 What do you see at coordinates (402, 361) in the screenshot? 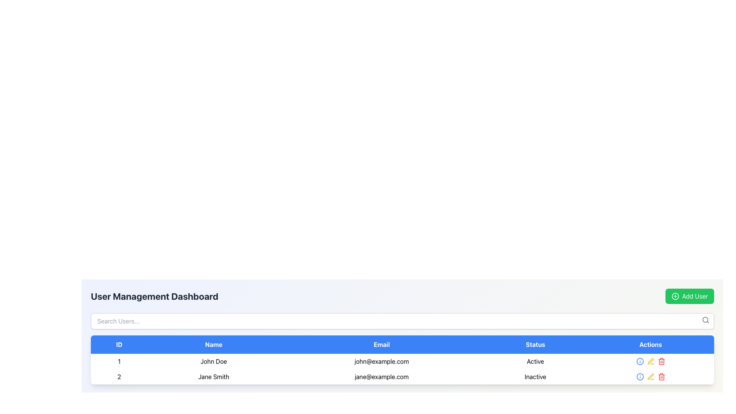
I see `to select the first row in the user information table, which displays ID '1', Name 'John Doe', Email 'john@example.com', and Status 'Active'` at bounding box center [402, 361].